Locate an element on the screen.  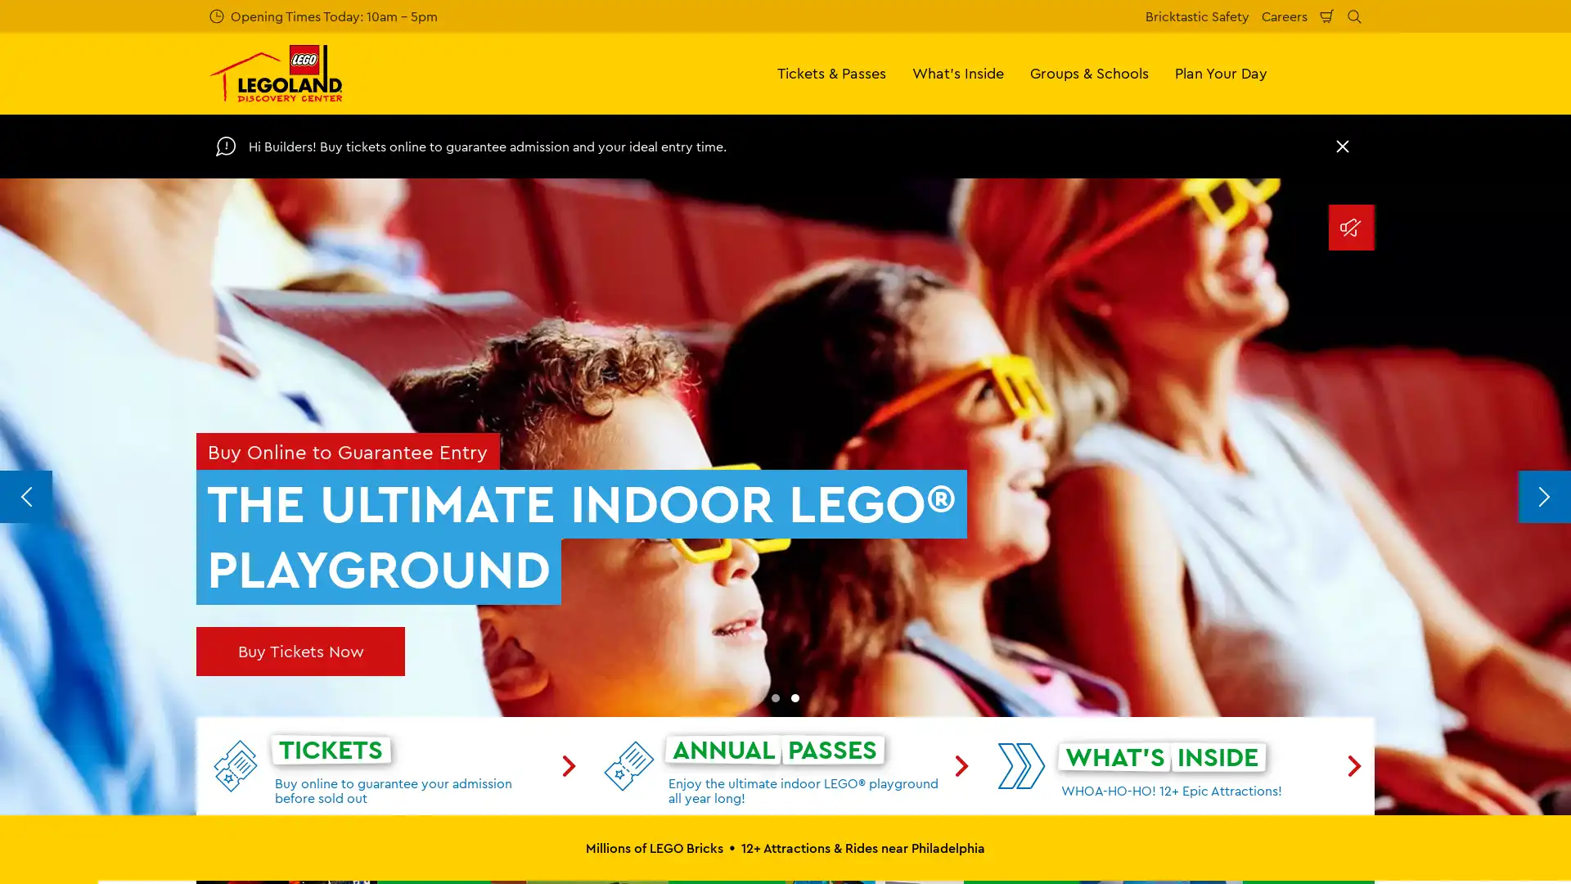
Go to slide 2 is located at coordinates (795, 697).